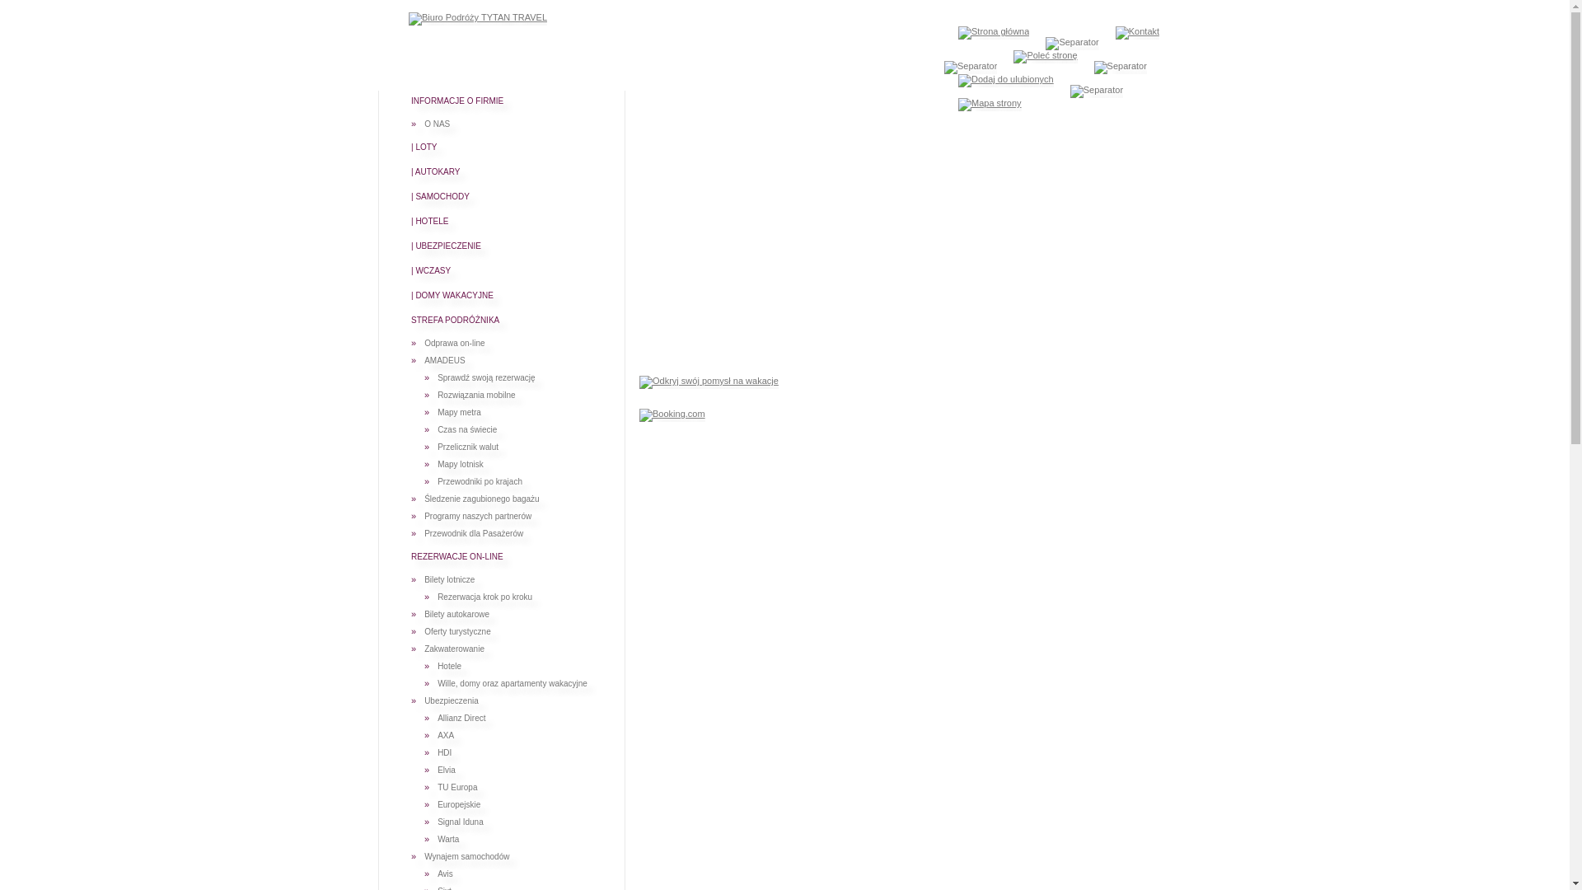 This screenshot has height=890, width=1582. I want to click on 'Zakwaterowanie', so click(424, 648).